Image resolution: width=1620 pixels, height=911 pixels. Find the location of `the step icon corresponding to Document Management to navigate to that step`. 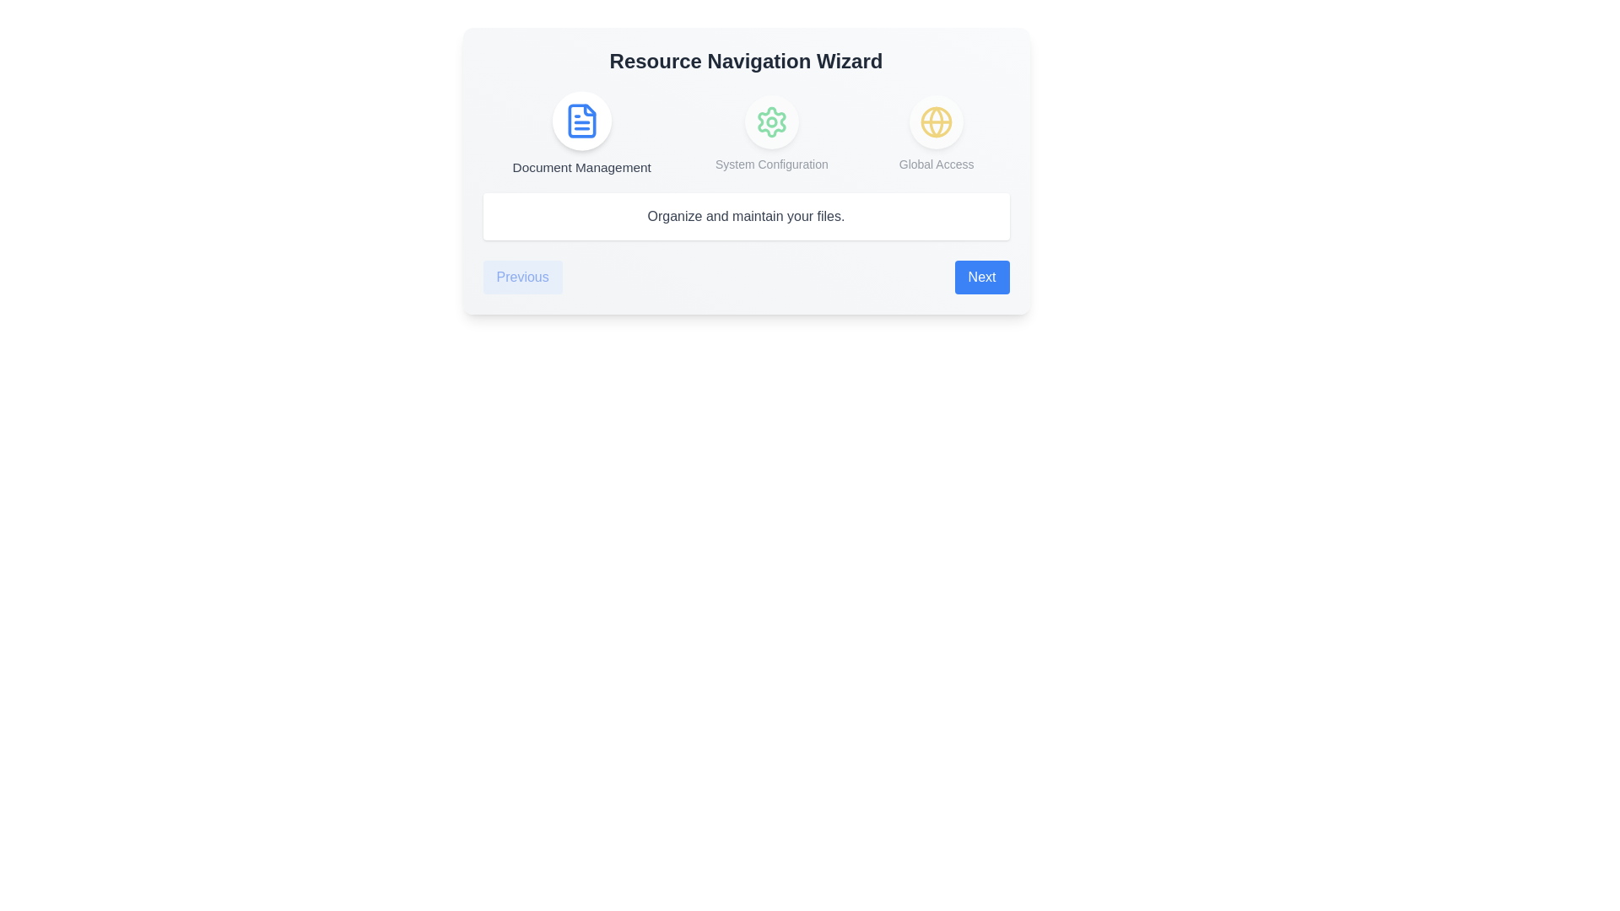

the step icon corresponding to Document Management to navigate to that step is located at coordinates (581, 132).